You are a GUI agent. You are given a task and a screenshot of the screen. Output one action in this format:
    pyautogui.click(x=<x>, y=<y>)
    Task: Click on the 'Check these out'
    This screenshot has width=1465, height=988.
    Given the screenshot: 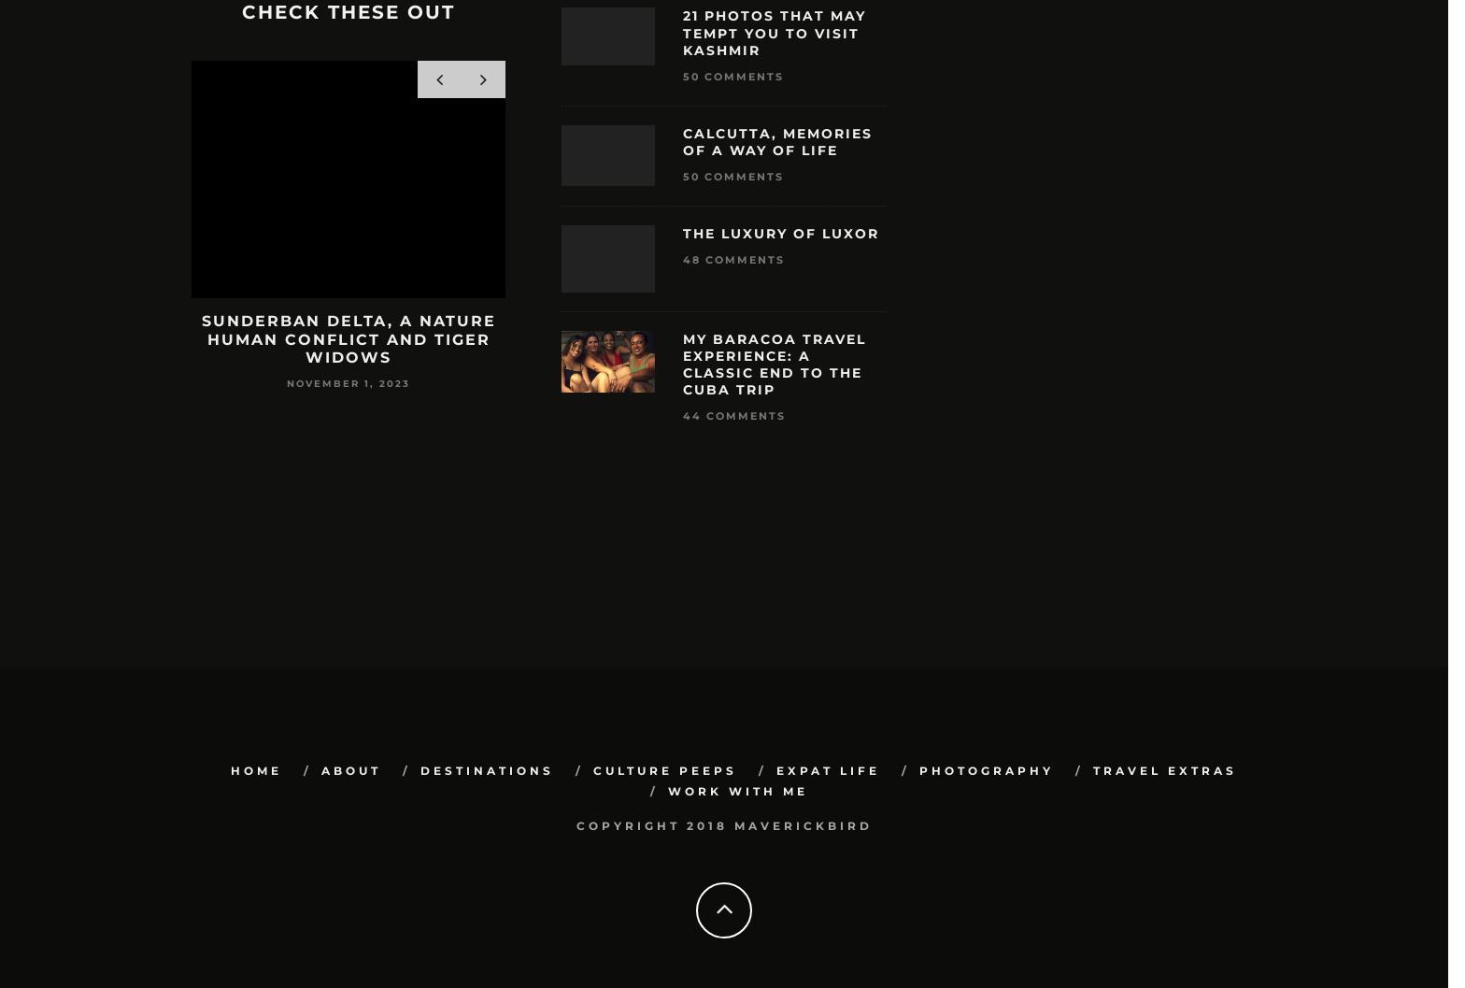 What is the action you would take?
    pyautogui.click(x=348, y=12)
    